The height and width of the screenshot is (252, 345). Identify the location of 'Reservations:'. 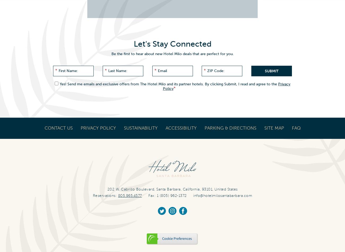
(105, 195).